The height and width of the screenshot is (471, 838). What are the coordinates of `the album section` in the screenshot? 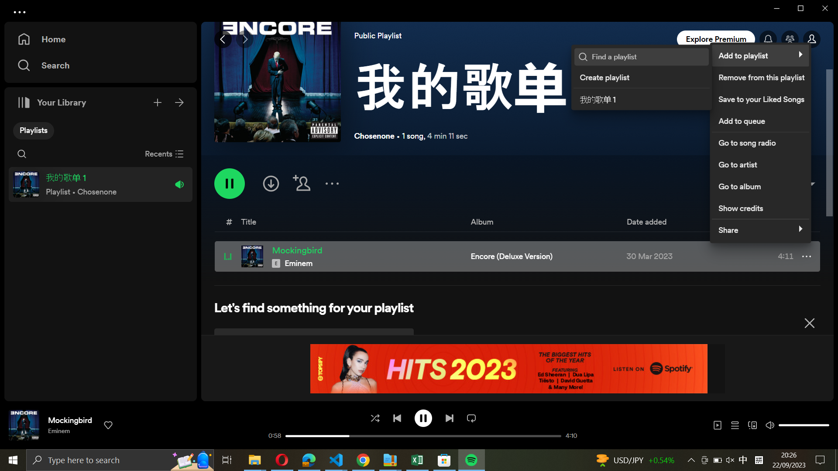 It's located at (758, 184).